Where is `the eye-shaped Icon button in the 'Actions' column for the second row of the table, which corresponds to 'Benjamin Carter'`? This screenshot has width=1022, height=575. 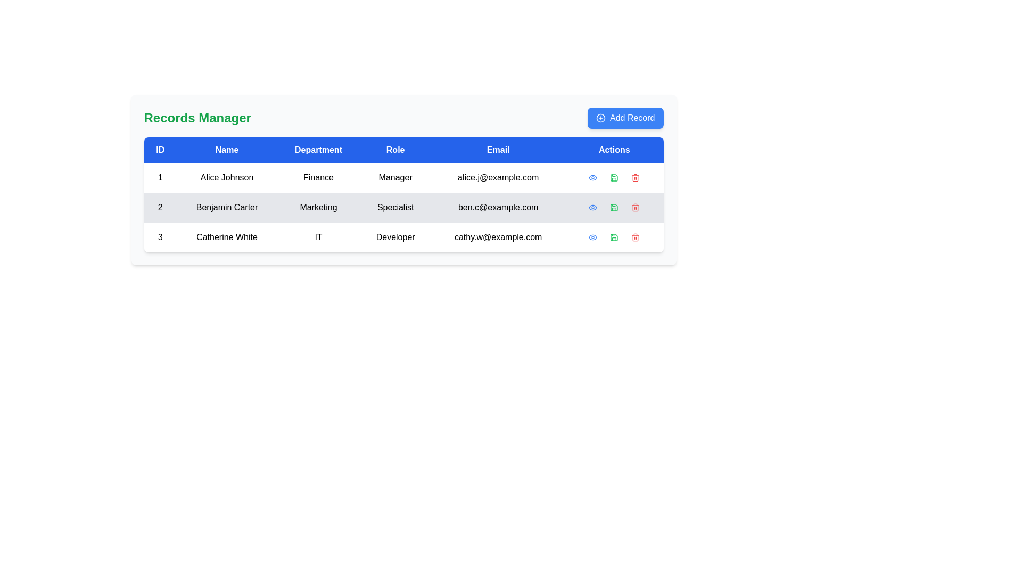 the eye-shaped Icon button in the 'Actions' column for the second row of the table, which corresponds to 'Benjamin Carter' is located at coordinates (592, 207).